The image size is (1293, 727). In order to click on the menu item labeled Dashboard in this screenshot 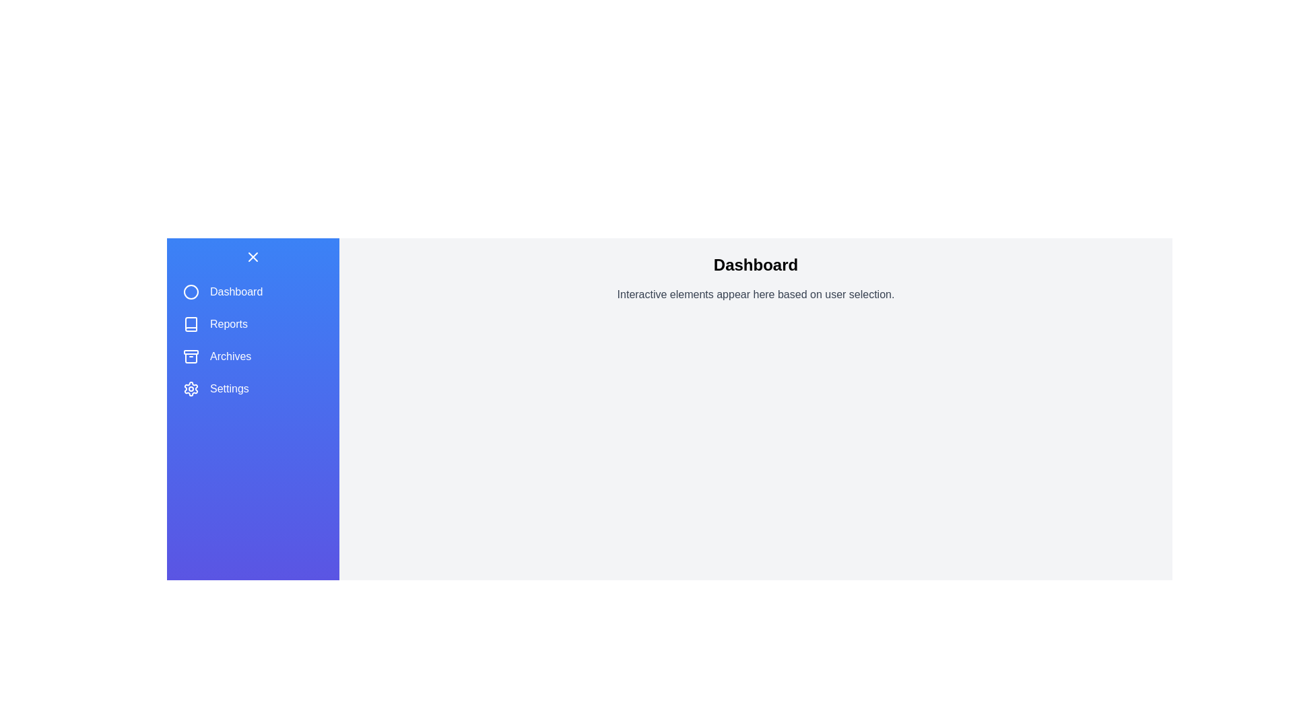, I will do `click(253, 291)`.